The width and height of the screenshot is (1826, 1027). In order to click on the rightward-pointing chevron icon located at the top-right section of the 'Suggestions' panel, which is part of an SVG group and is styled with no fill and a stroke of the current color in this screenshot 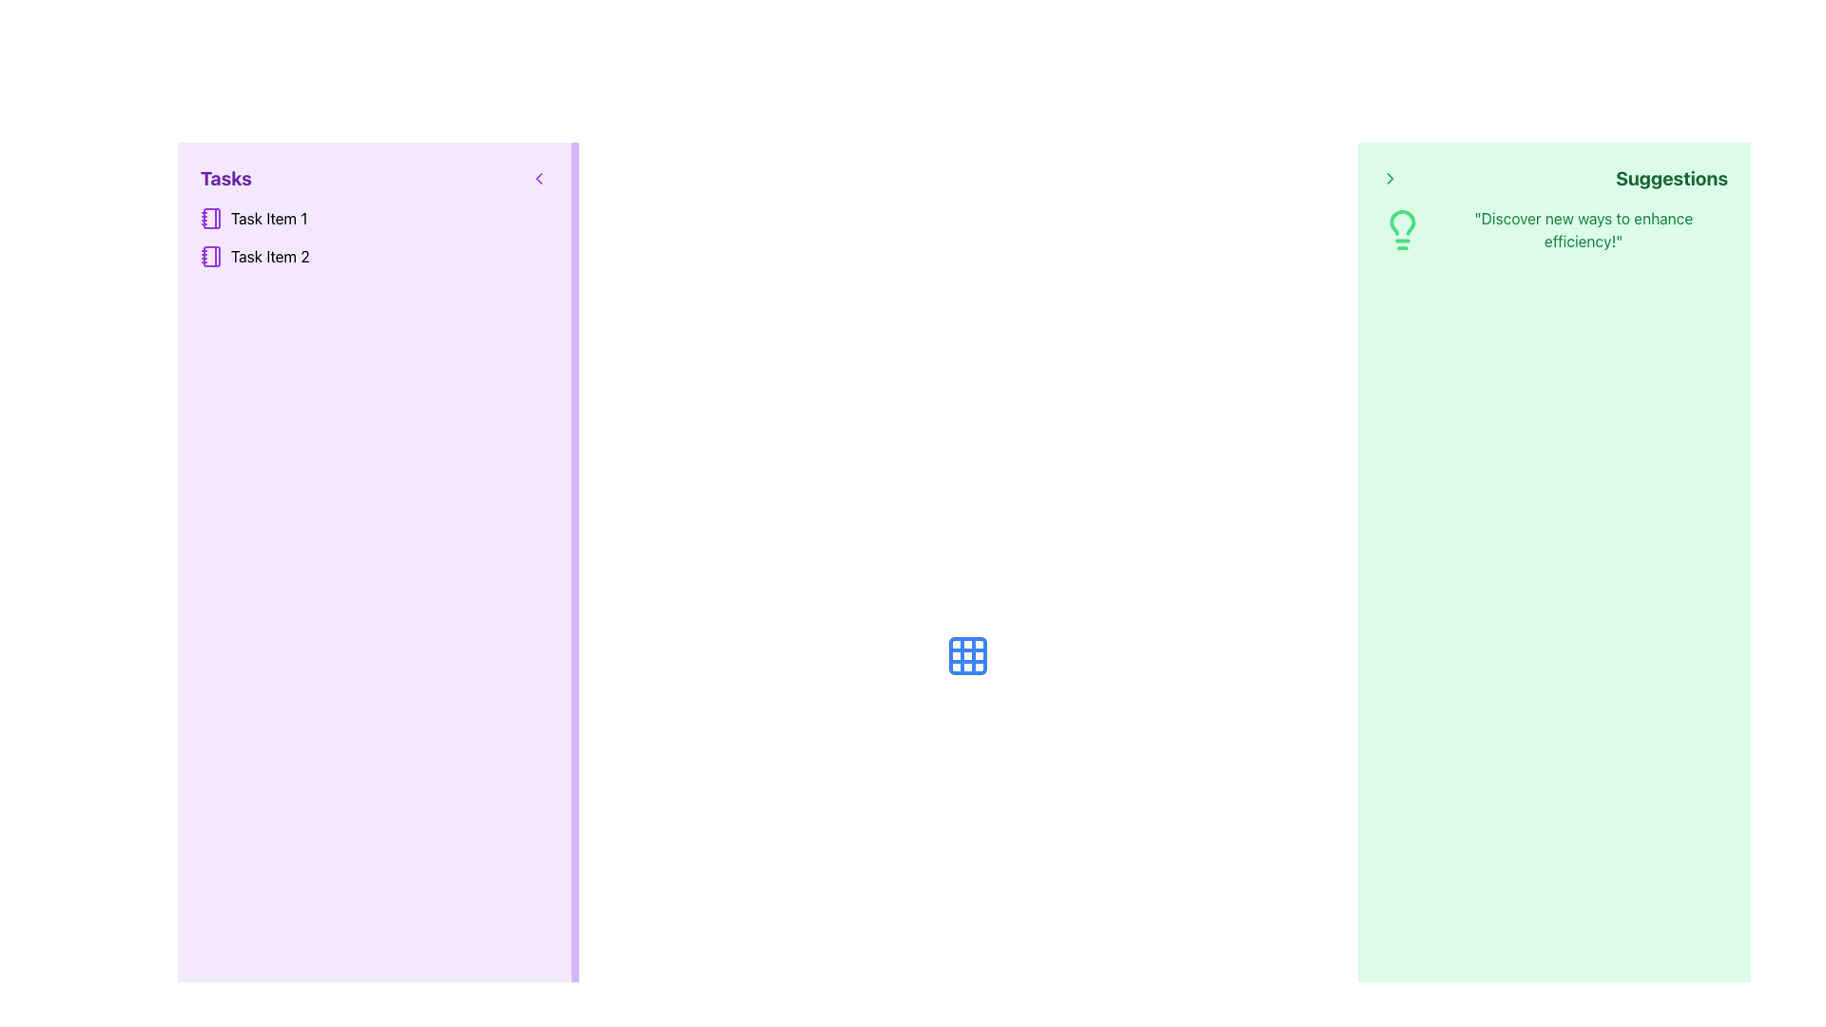, I will do `click(1389, 179)`.